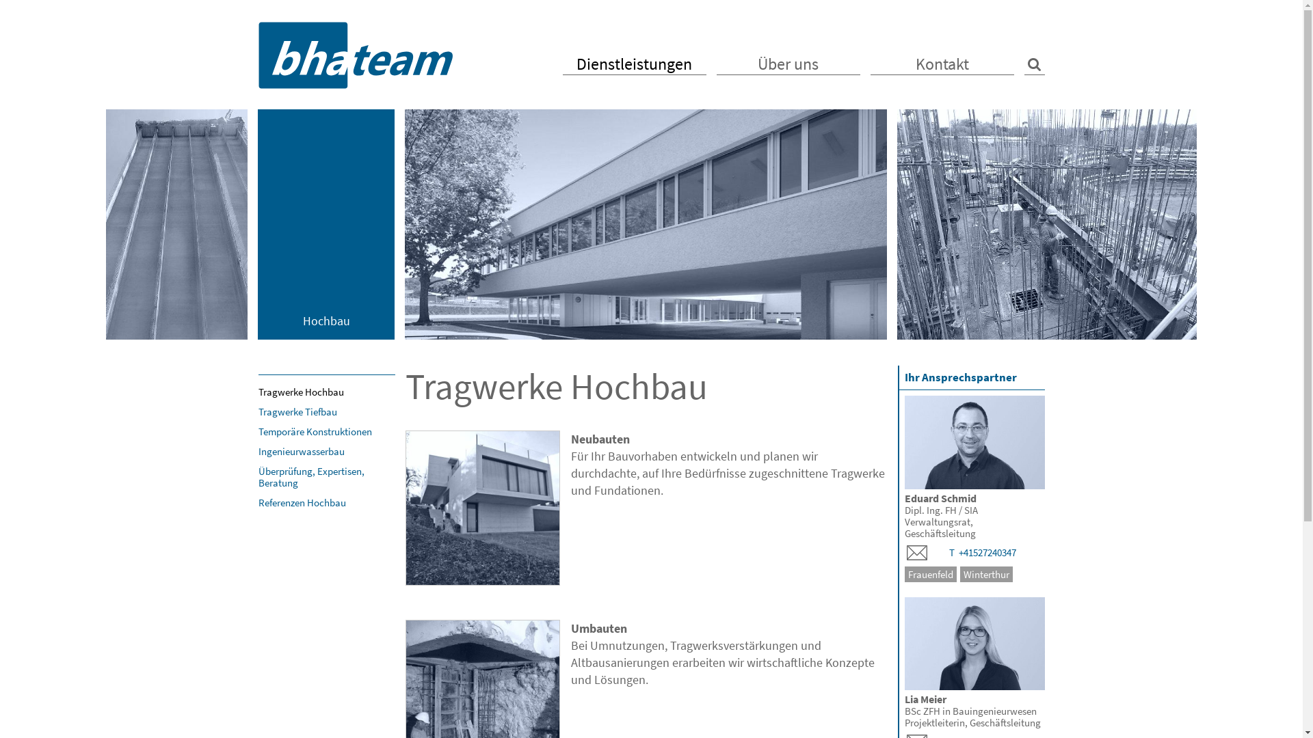 The image size is (1313, 738). I want to click on 'Tragwerke Hochbau', so click(326, 392).